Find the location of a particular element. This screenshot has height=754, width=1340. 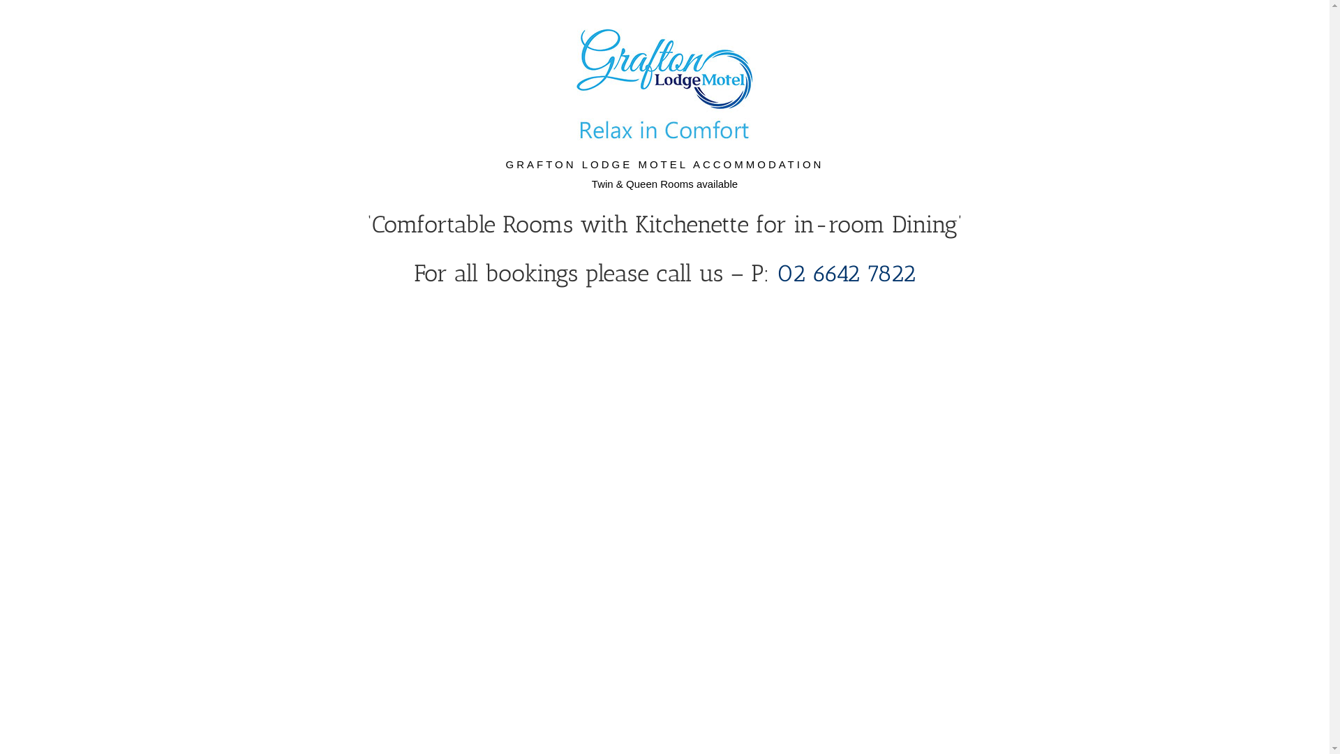

'02 6642 7822' is located at coordinates (845, 273).